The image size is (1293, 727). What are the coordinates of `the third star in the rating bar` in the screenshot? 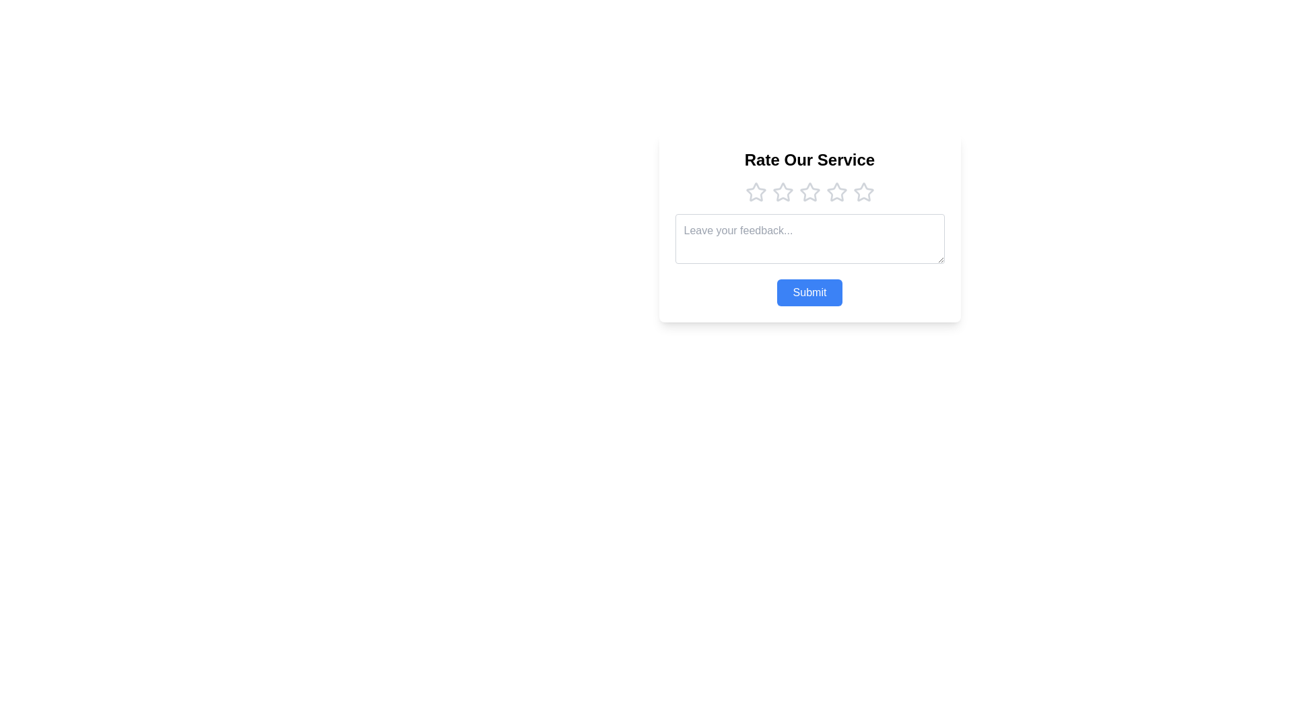 It's located at (809, 192).